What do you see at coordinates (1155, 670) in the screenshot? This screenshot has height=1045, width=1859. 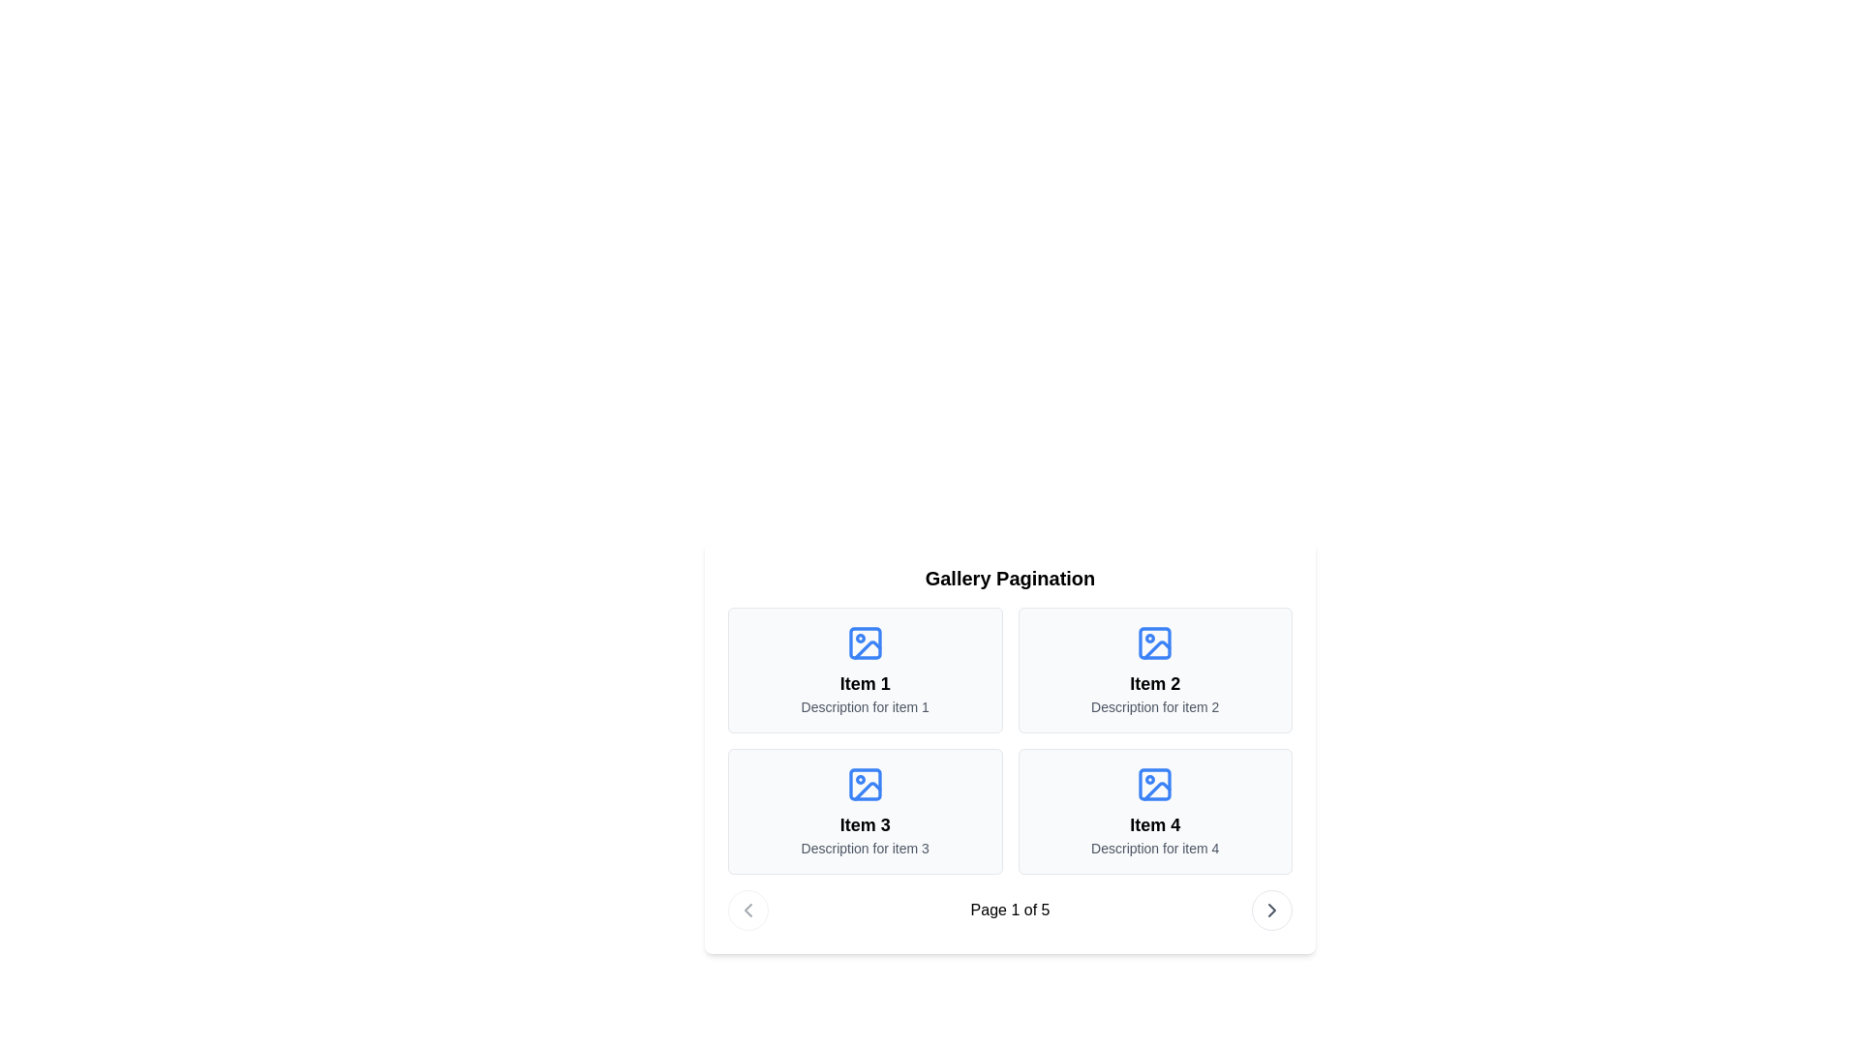 I see `information from the card UI element located at the top-right of the grid, which contains the text 'Item 2' and its description 'Description for item 2'` at bounding box center [1155, 670].